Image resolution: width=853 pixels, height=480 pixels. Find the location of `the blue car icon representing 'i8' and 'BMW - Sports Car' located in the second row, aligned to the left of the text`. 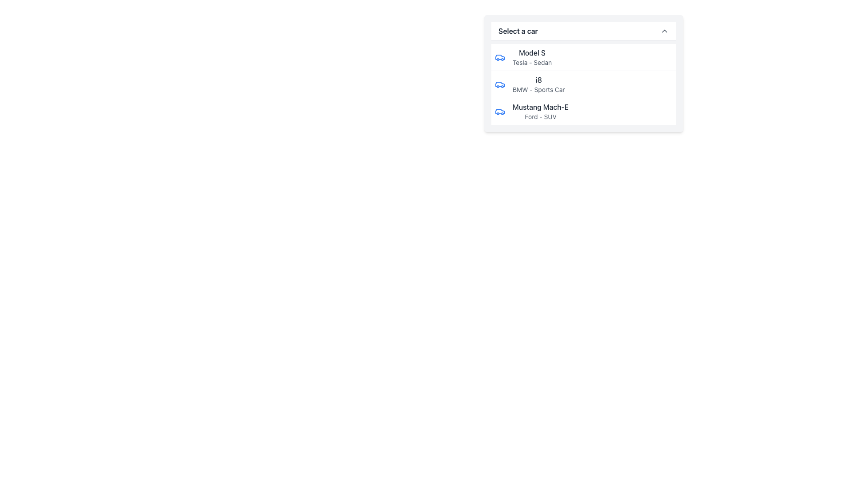

the blue car icon representing 'i8' and 'BMW - Sports Car' located in the second row, aligned to the left of the text is located at coordinates (500, 84).